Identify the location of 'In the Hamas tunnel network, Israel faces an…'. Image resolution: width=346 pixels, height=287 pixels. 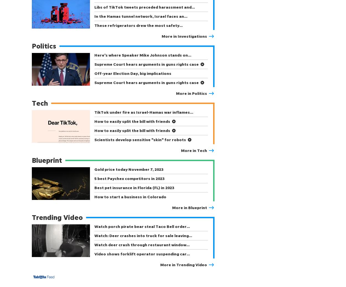
(141, 16).